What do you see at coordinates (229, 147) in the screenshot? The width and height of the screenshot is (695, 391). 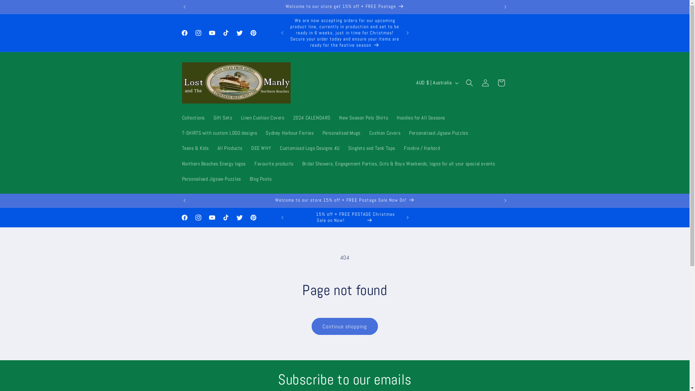 I see `'All Products'` at bounding box center [229, 147].